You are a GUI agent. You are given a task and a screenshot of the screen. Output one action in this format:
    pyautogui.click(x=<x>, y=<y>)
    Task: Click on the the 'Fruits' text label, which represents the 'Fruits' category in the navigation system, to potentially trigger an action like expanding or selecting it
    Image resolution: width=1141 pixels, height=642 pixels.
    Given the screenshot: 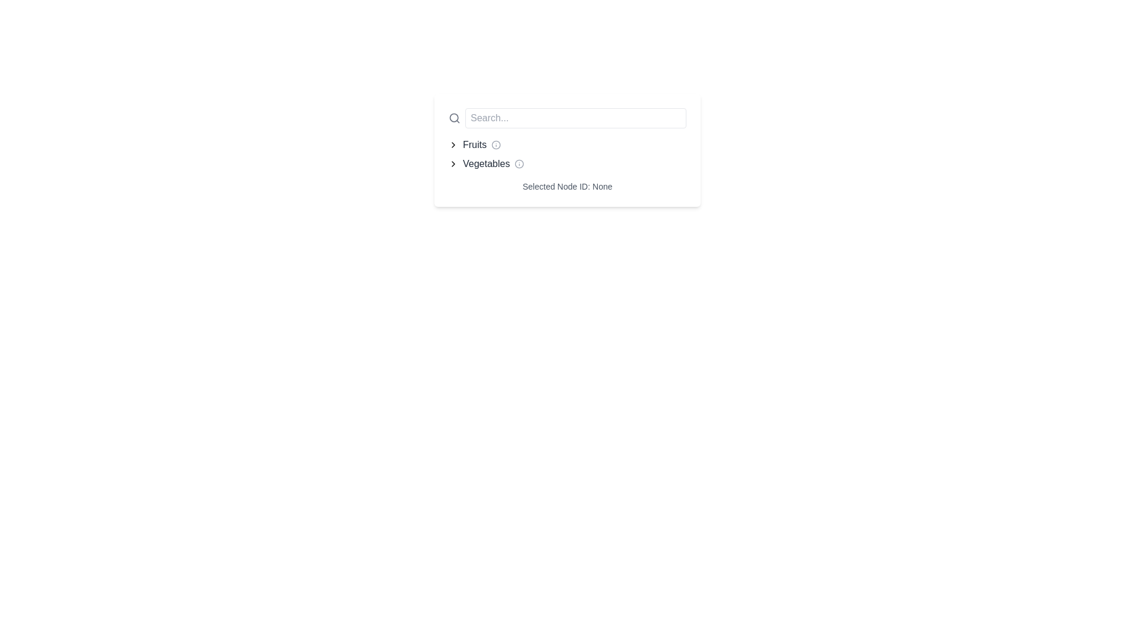 What is the action you would take?
    pyautogui.click(x=474, y=144)
    